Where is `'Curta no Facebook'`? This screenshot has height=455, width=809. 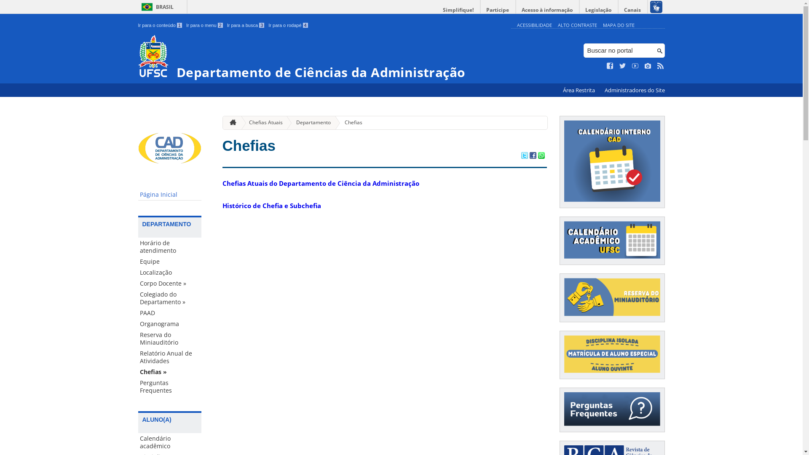
'Curta no Facebook' is located at coordinates (610, 66).